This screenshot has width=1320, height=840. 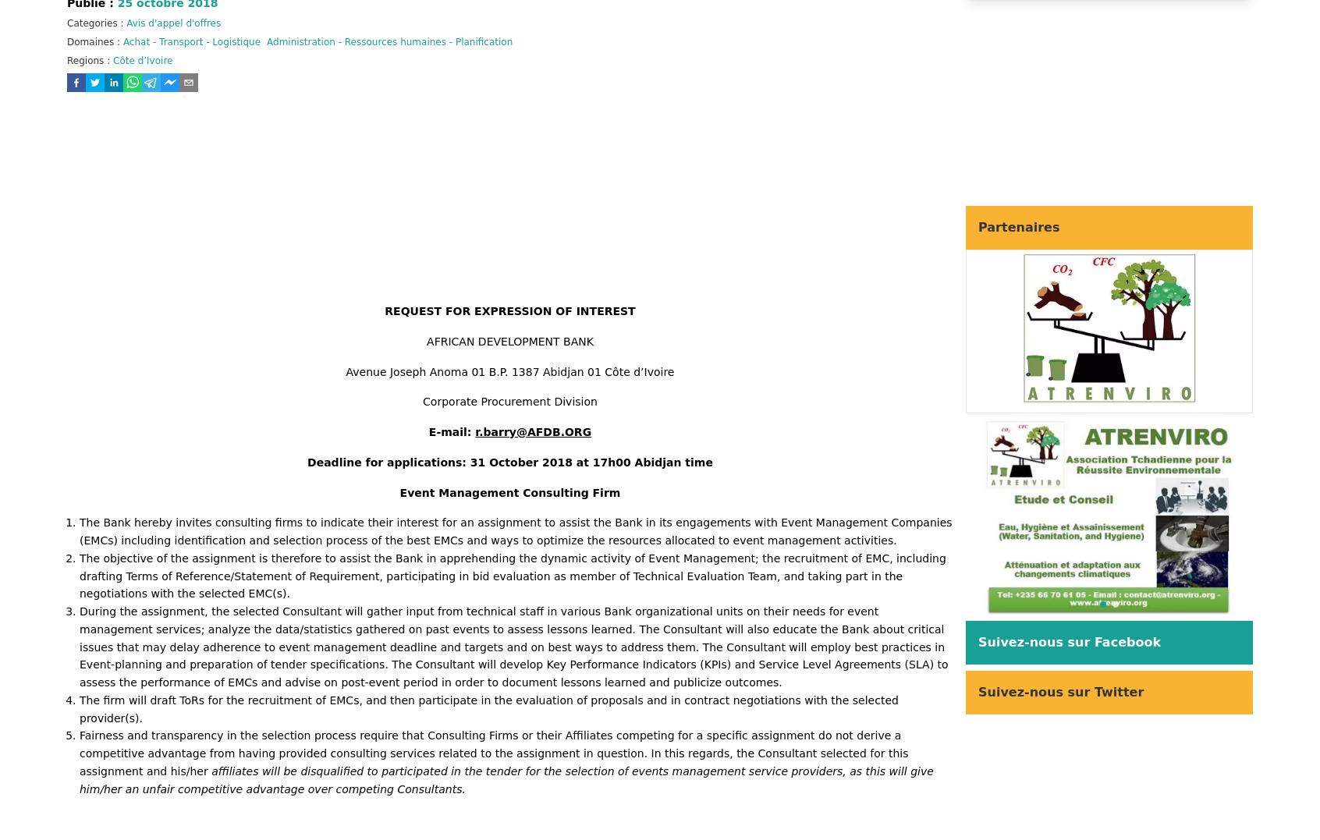 What do you see at coordinates (488, 708) in the screenshot?
I see `'The firm will draft ToRs for the recruitment of EMCs, and then participate in the evaluation of proposals and in contract negotiations with the selected provider(s).'` at bounding box center [488, 708].